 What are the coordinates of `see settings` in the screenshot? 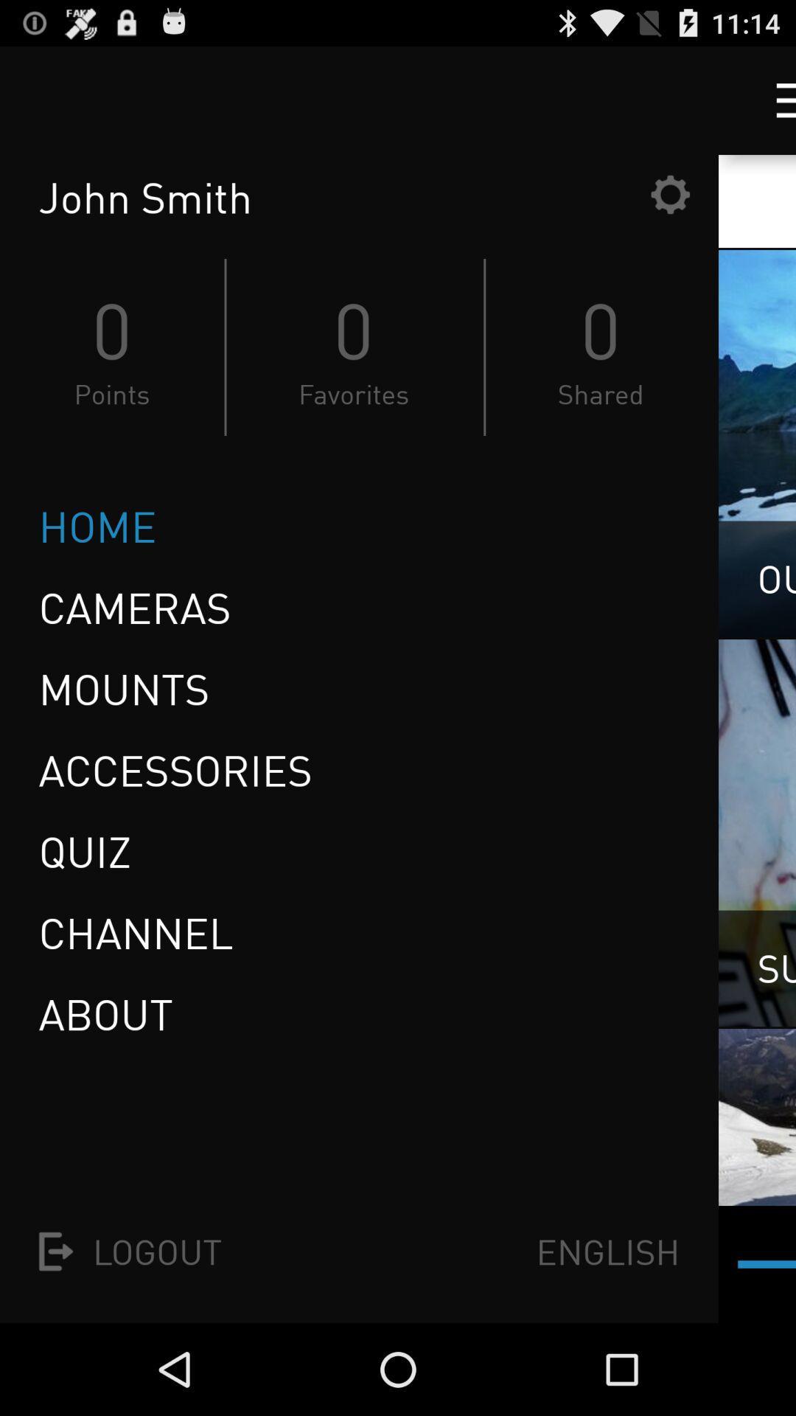 It's located at (670, 193).